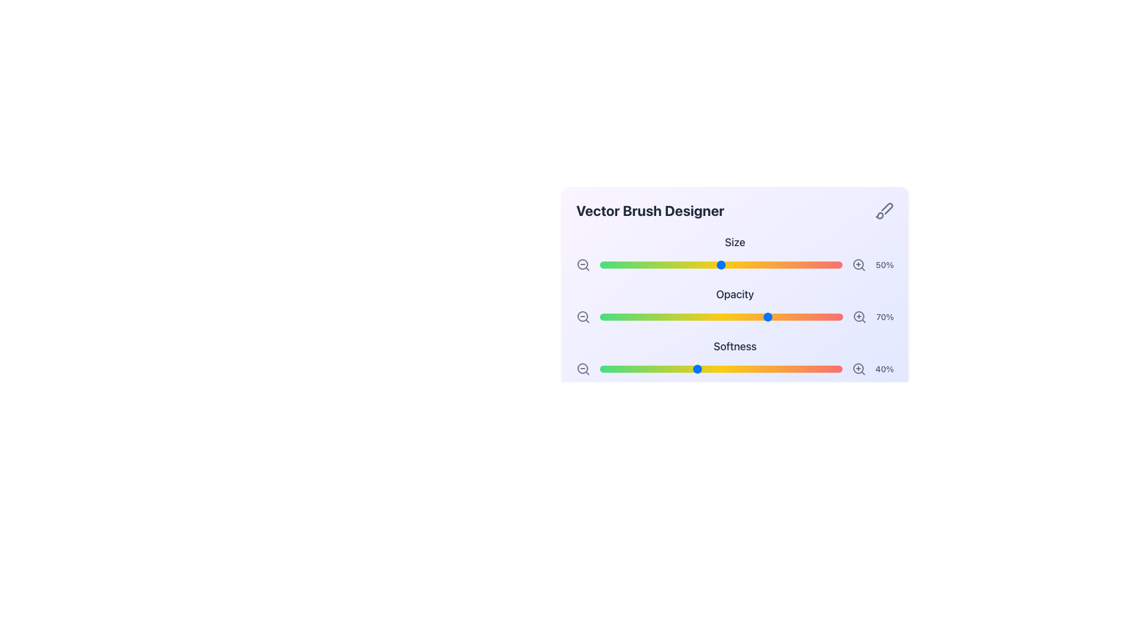  I want to click on opacity, so click(825, 317).